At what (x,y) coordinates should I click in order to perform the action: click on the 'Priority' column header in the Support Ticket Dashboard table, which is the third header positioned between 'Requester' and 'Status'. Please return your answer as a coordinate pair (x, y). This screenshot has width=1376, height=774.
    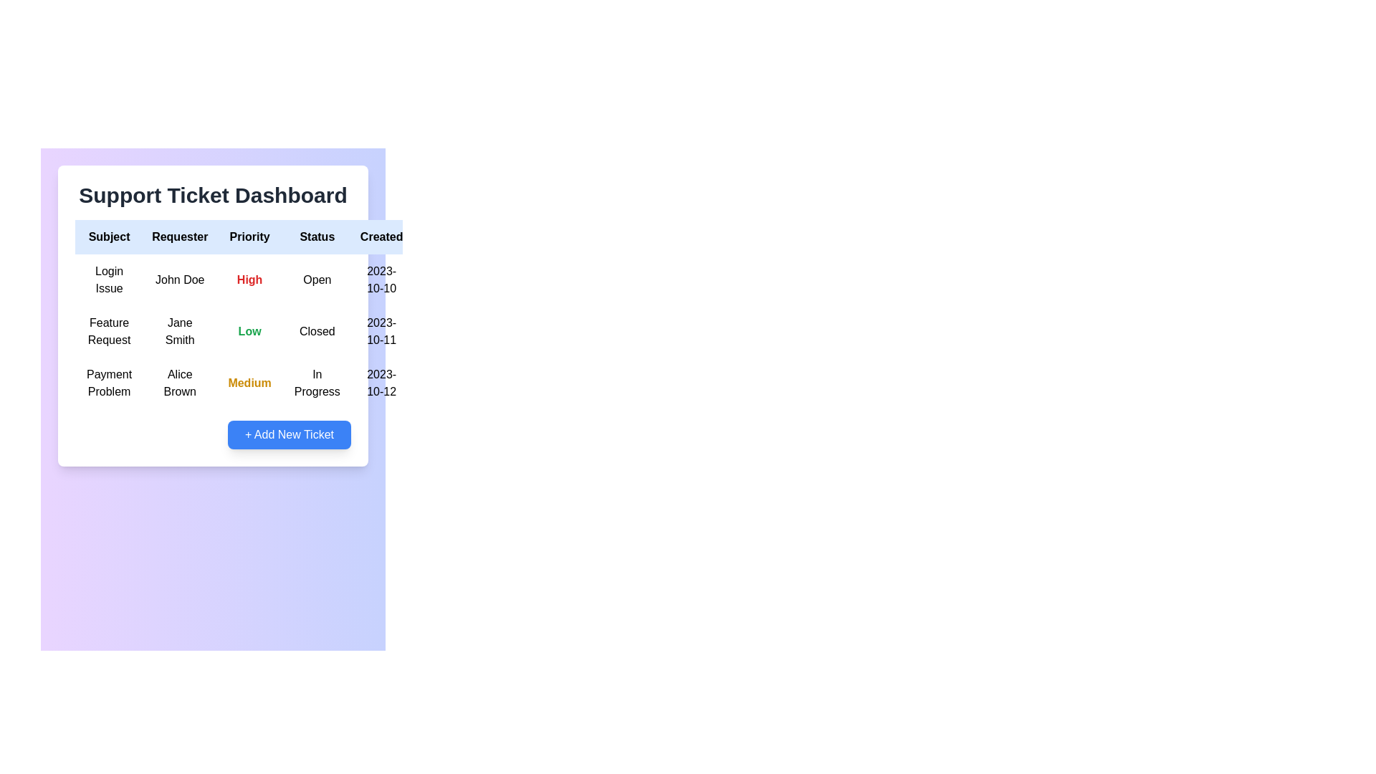
    Looking at the image, I should click on (249, 236).